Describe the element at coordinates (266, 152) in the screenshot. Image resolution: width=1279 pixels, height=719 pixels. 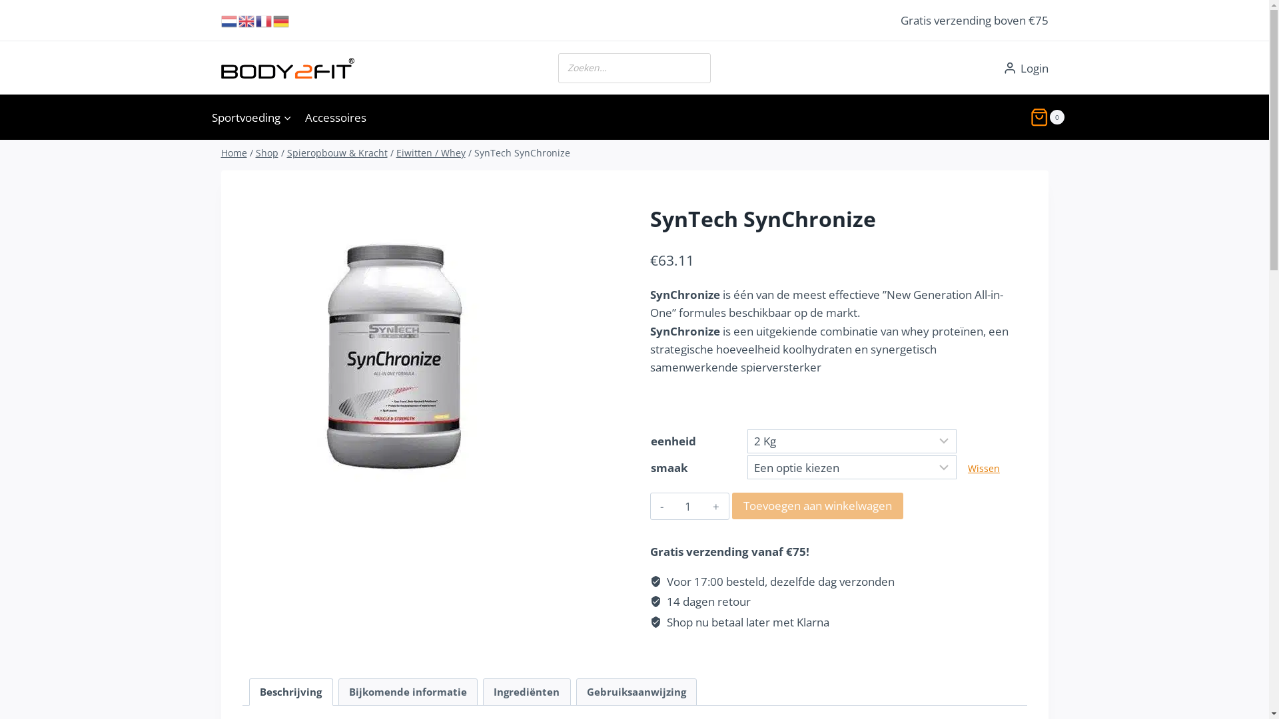
I see `'Shop'` at that location.